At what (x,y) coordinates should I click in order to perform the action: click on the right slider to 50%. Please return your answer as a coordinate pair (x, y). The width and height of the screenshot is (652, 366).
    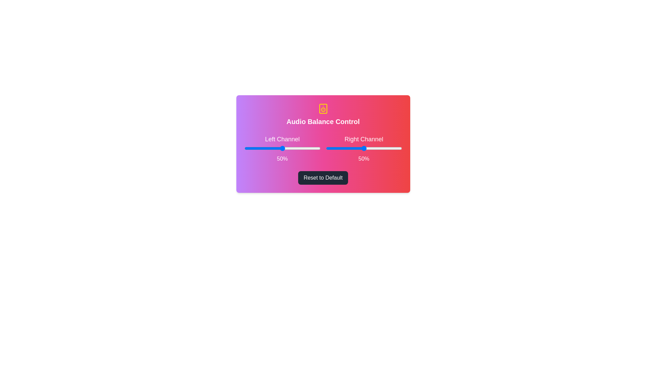
    Looking at the image, I should click on (363, 148).